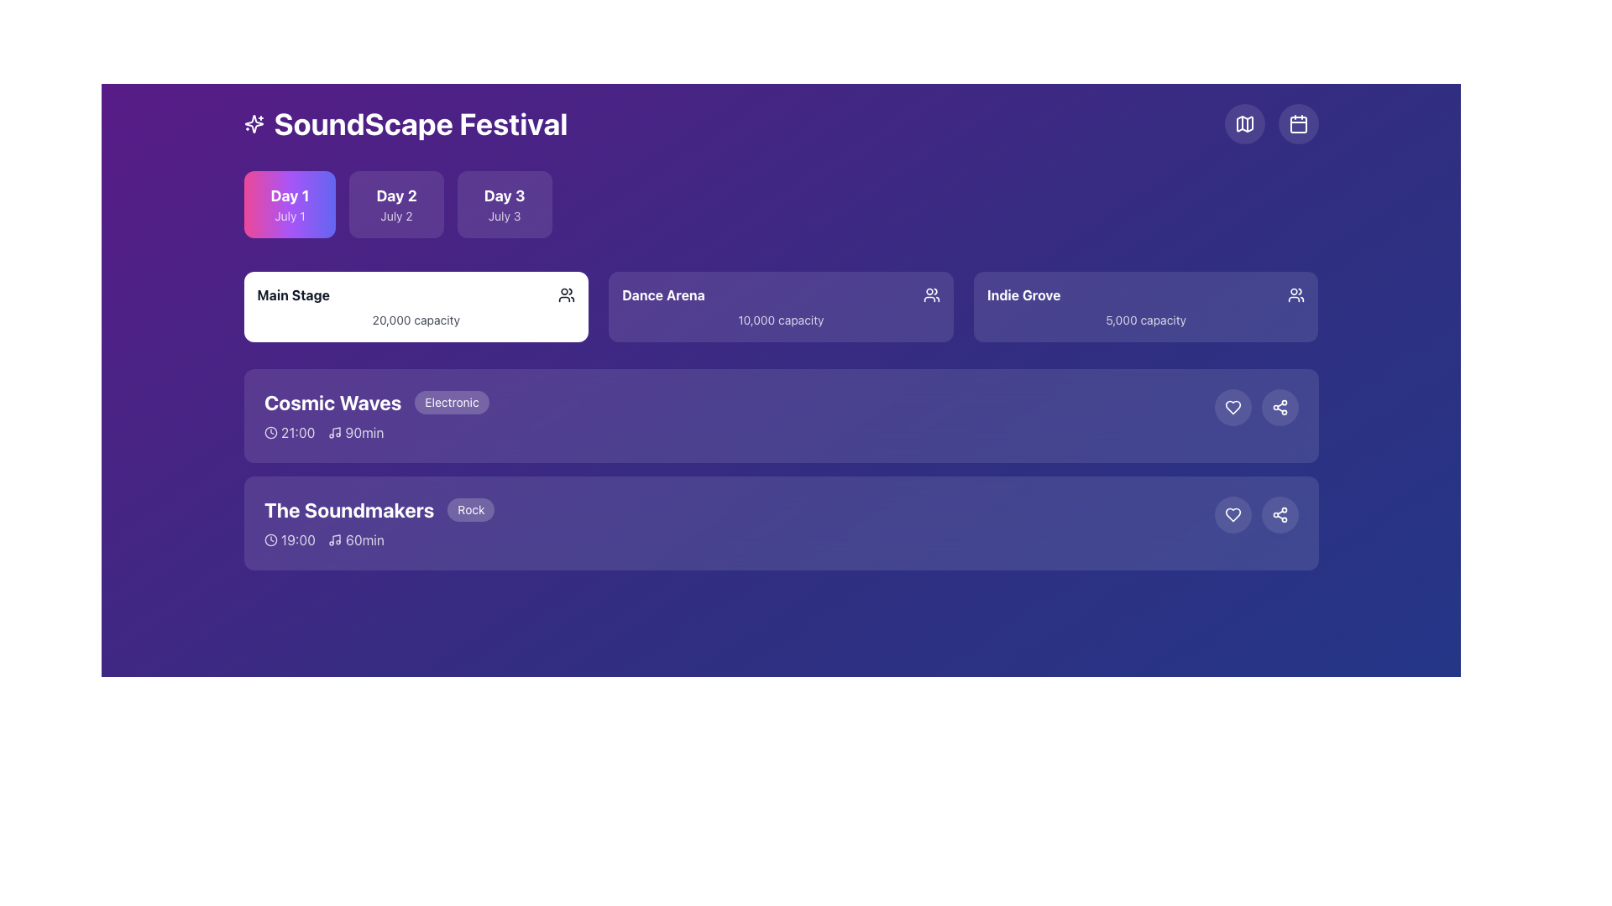  Describe the element at coordinates (470, 509) in the screenshot. I see `the 'Rock' label or tag that indicates the genre of the associated group 'The Soundmakers', which is located to the right of the group name` at that location.